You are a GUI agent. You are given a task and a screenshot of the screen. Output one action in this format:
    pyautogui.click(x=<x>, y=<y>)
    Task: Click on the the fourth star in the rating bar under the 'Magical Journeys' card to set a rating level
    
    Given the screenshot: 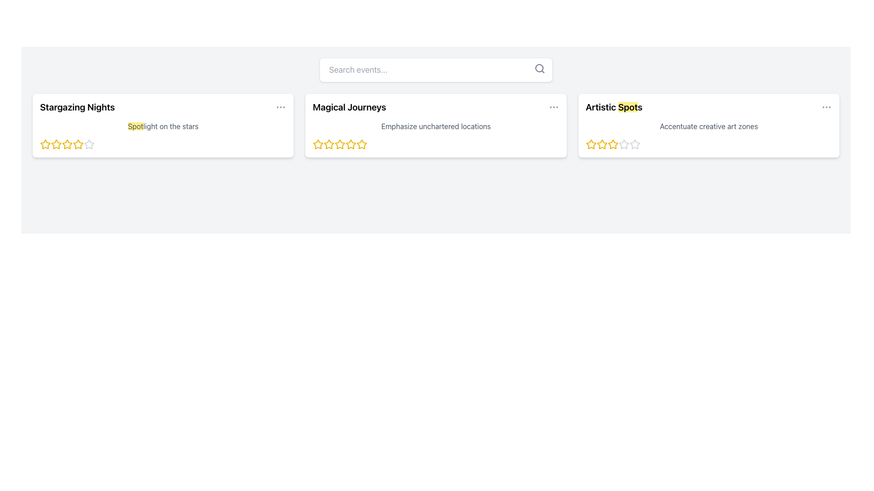 What is the action you would take?
    pyautogui.click(x=340, y=144)
    